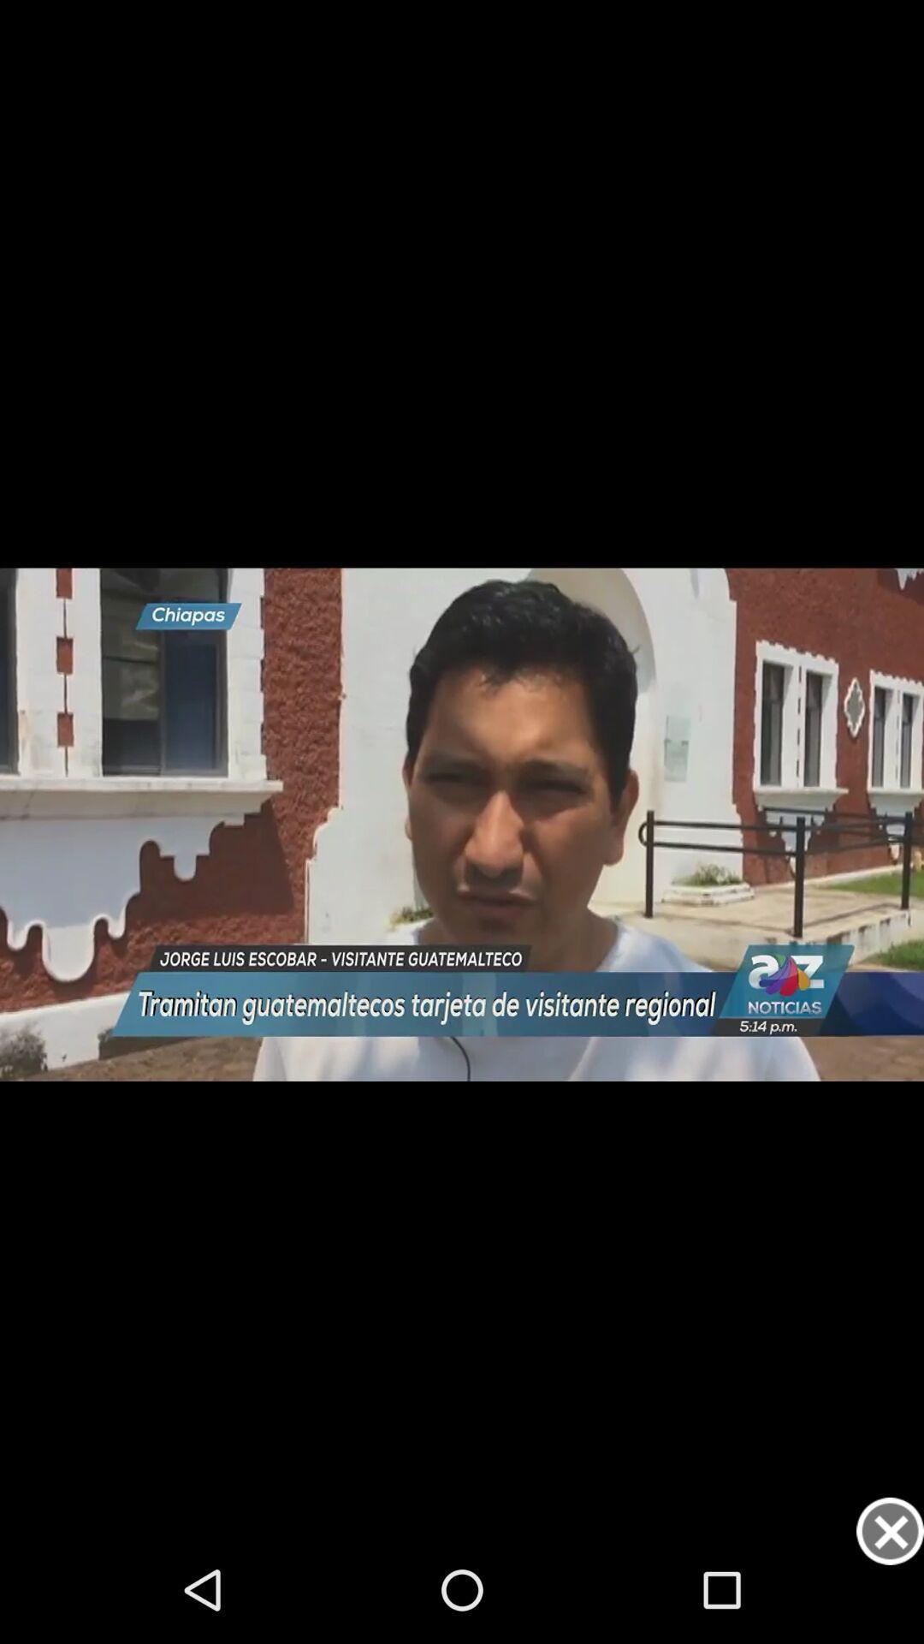  Describe the element at coordinates (889, 1531) in the screenshot. I see `exits video` at that location.